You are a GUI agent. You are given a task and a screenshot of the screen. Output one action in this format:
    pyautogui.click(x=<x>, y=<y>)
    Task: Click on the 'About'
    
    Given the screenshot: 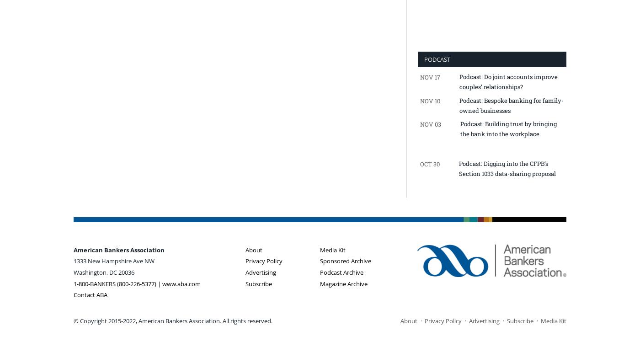 What is the action you would take?
    pyautogui.click(x=254, y=249)
    